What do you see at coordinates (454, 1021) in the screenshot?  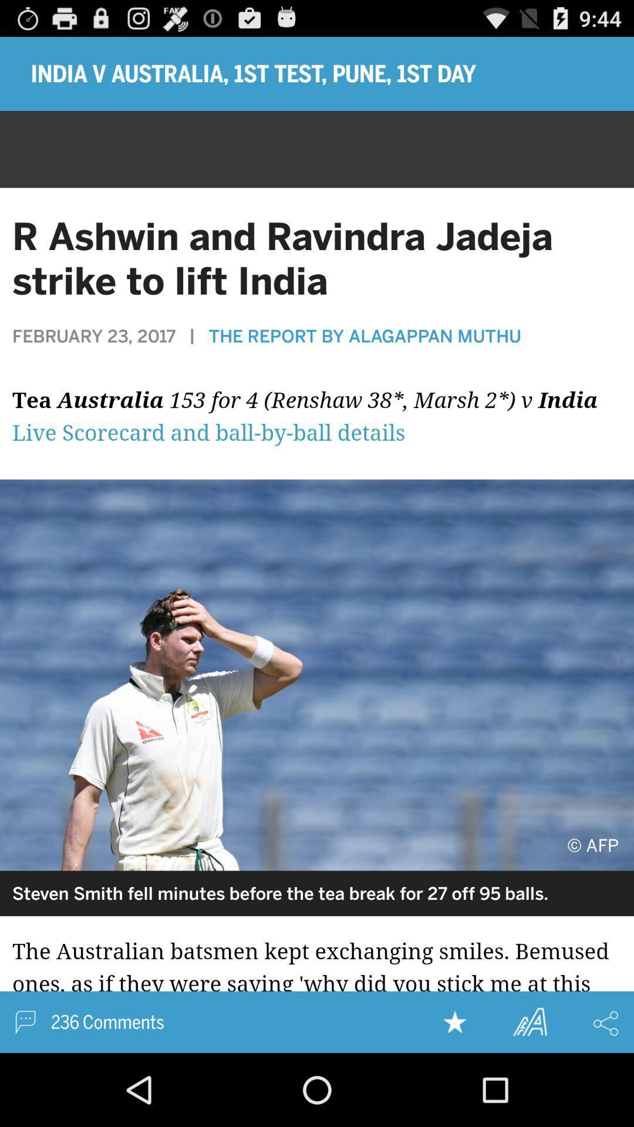 I see `this to favorites` at bounding box center [454, 1021].